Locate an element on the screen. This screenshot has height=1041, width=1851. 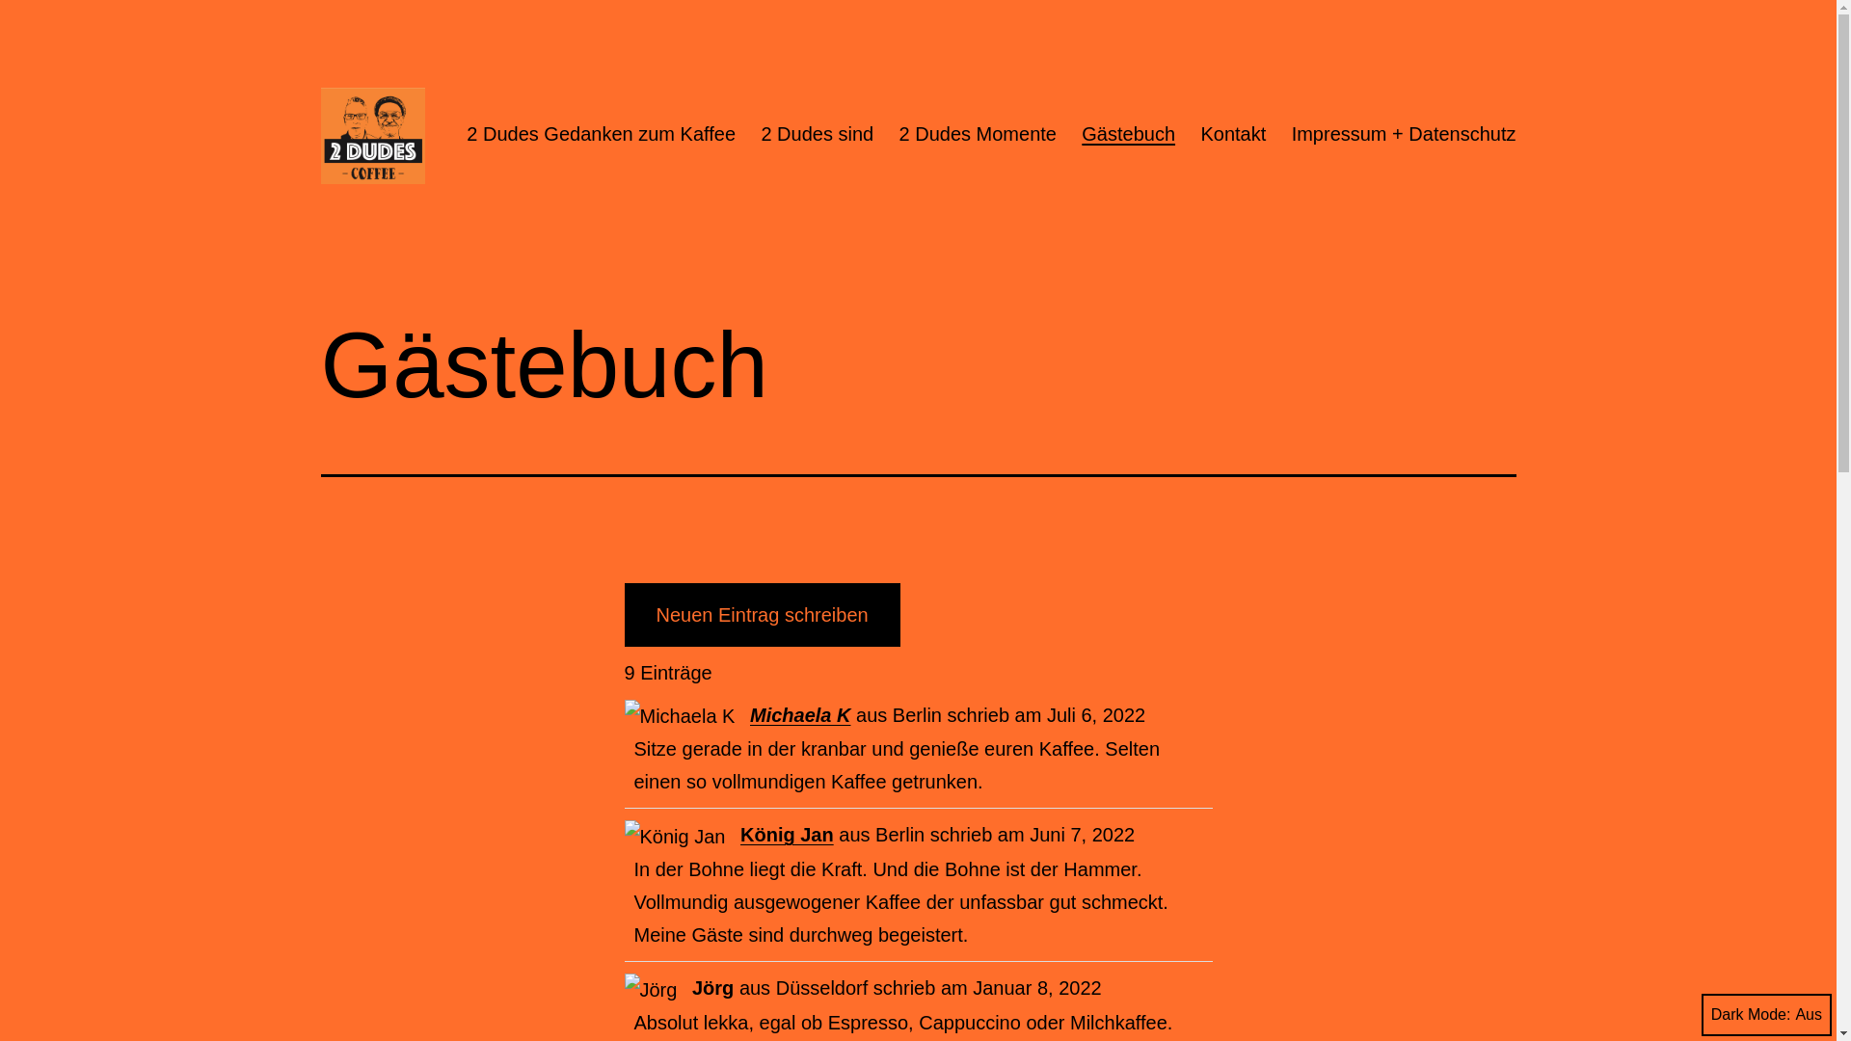
'Impressum + Datenschutz' is located at coordinates (1403, 132).